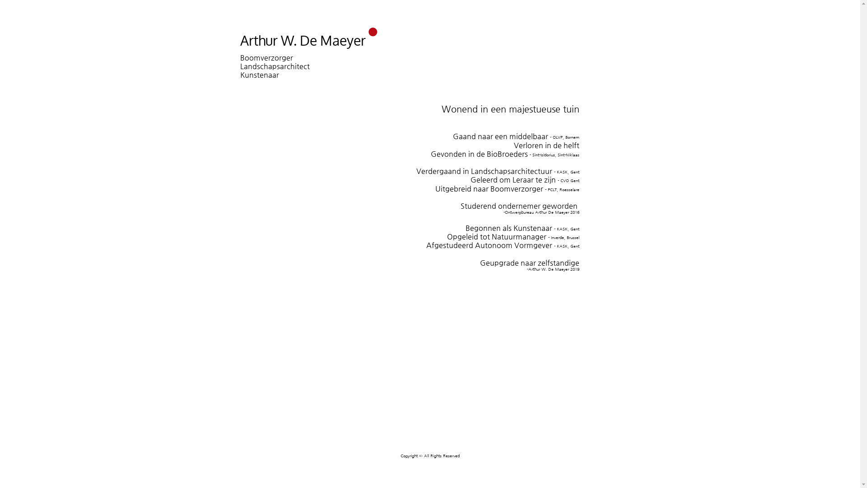  What do you see at coordinates (303, 39) in the screenshot?
I see `'Arthur W. De Maeyer'` at bounding box center [303, 39].